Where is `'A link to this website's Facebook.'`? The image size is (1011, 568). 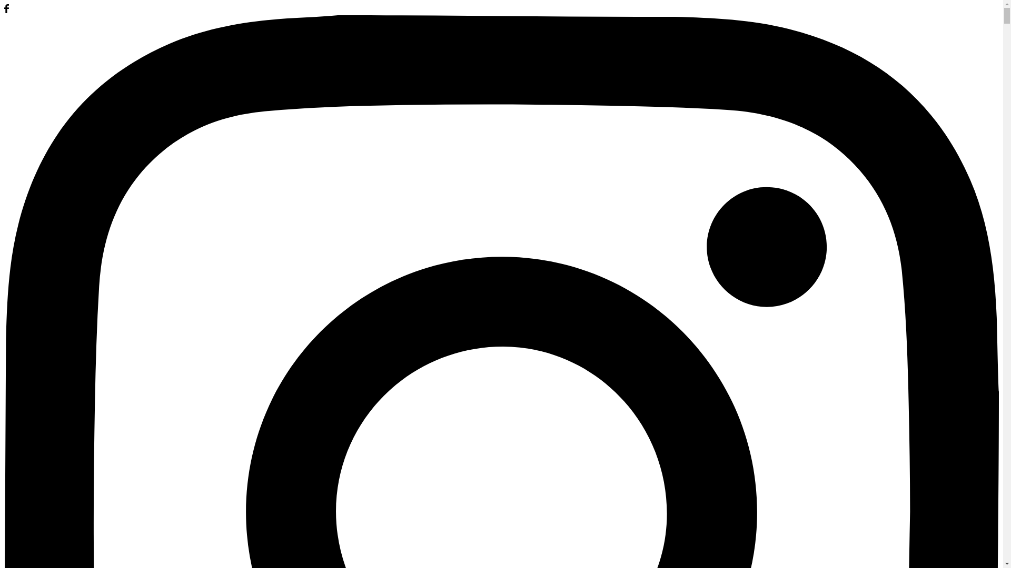
'A link to this website's Facebook.' is located at coordinates (4, 10).